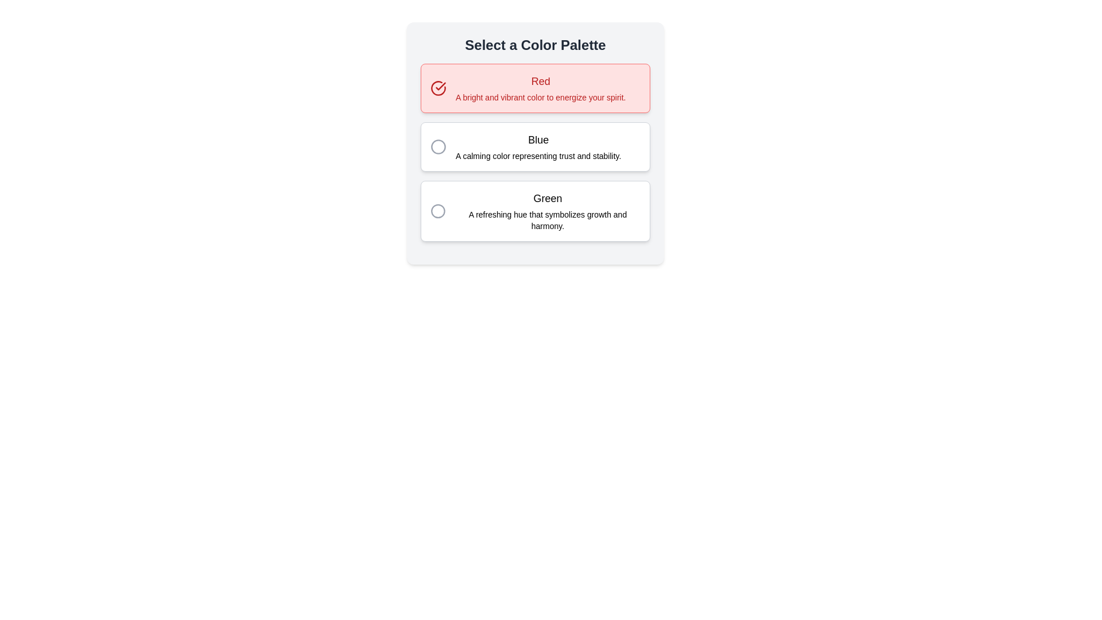 The image size is (1102, 620). What do you see at coordinates (547, 220) in the screenshot?
I see `the text label that contains 'A refreshing hue that symbolizes growth and harmony.' located below the 'Green' title in the 'Select a Color Palette' interface` at bounding box center [547, 220].